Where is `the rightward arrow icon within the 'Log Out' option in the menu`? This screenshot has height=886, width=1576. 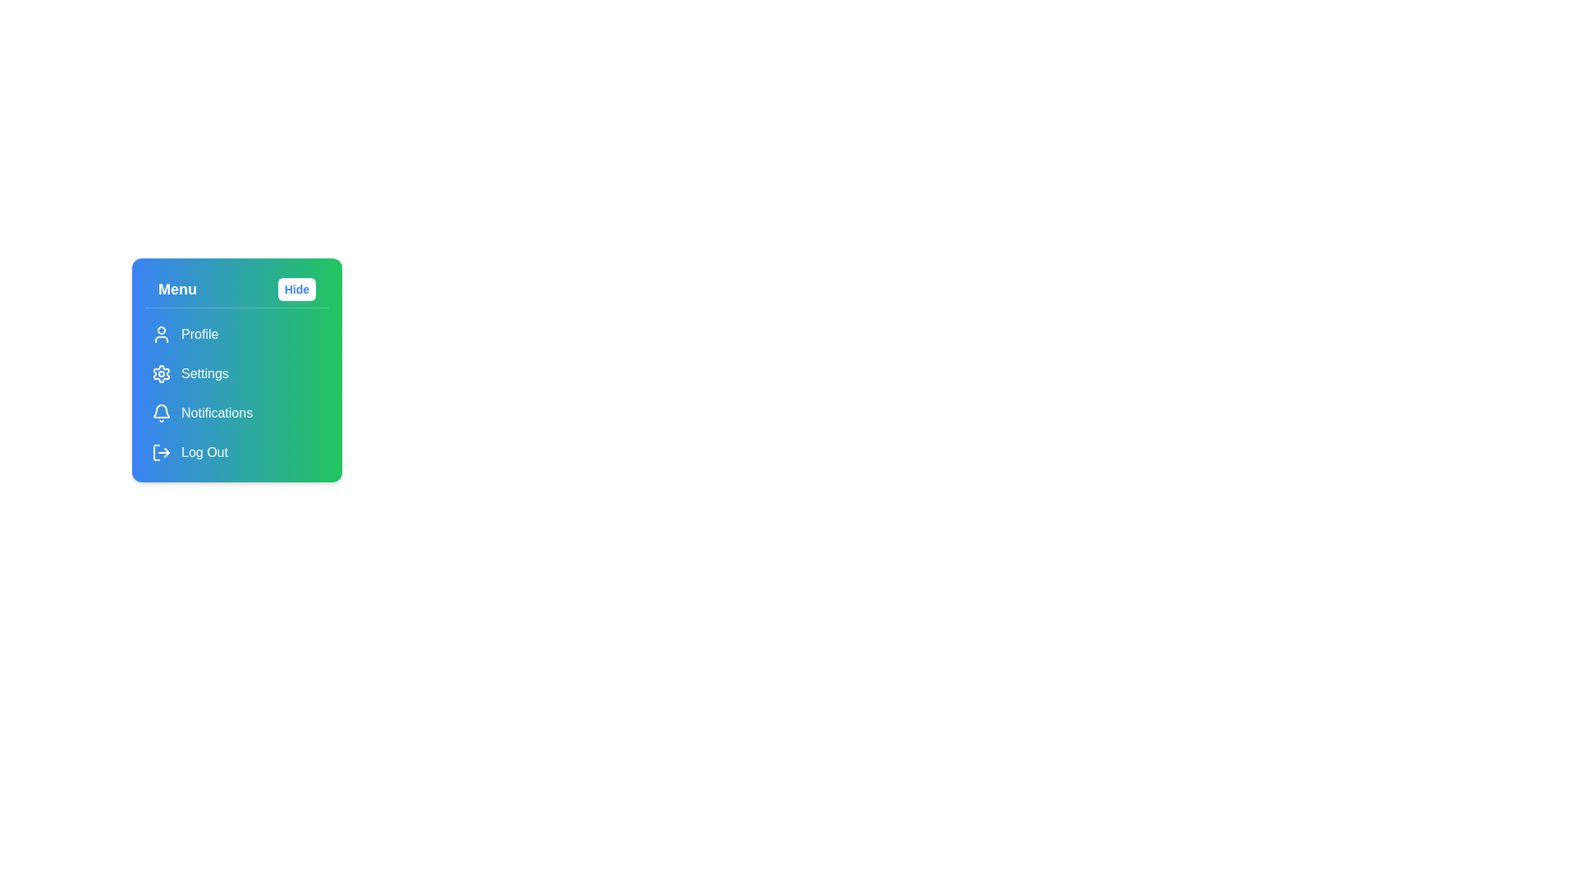 the rightward arrow icon within the 'Log Out' option in the menu is located at coordinates (161, 452).